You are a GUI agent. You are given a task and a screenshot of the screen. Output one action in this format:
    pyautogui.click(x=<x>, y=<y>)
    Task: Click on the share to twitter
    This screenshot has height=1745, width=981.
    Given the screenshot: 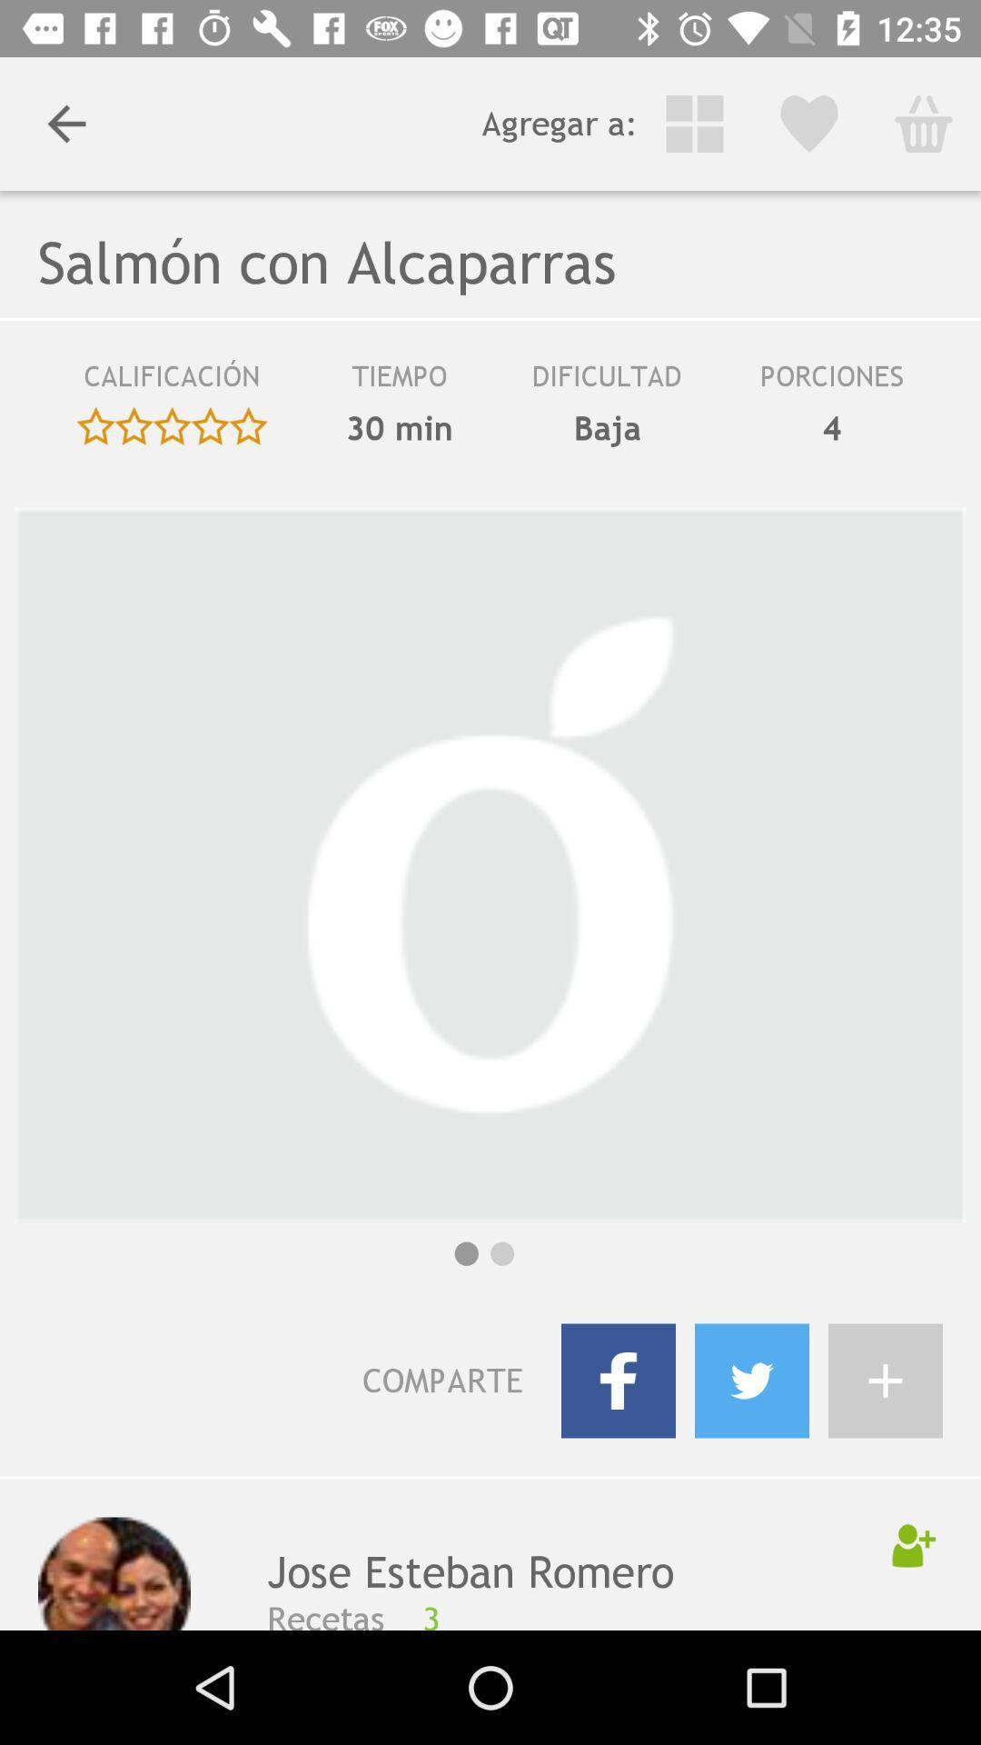 What is the action you would take?
    pyautogui.click(x=752, y=1381)
    